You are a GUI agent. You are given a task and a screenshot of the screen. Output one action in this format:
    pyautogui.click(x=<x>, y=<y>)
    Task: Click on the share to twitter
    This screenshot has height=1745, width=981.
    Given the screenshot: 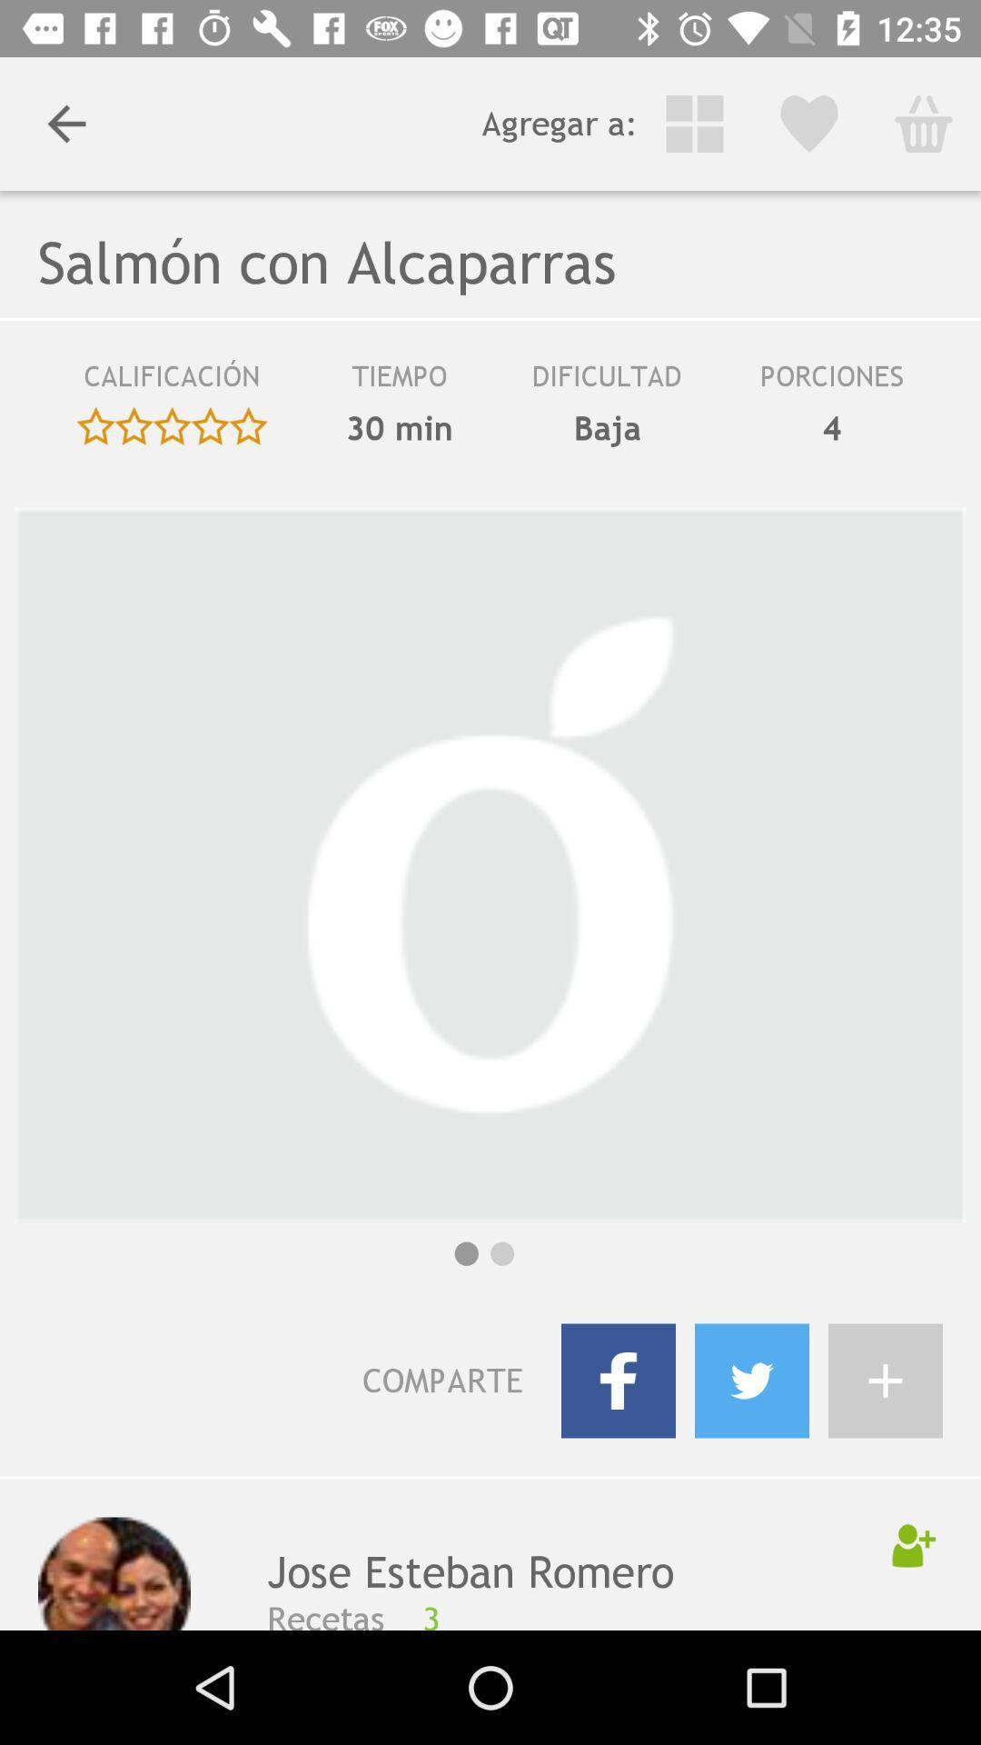 What is the action you would take?
    pyautogui.click(x=752, y=1381)
    